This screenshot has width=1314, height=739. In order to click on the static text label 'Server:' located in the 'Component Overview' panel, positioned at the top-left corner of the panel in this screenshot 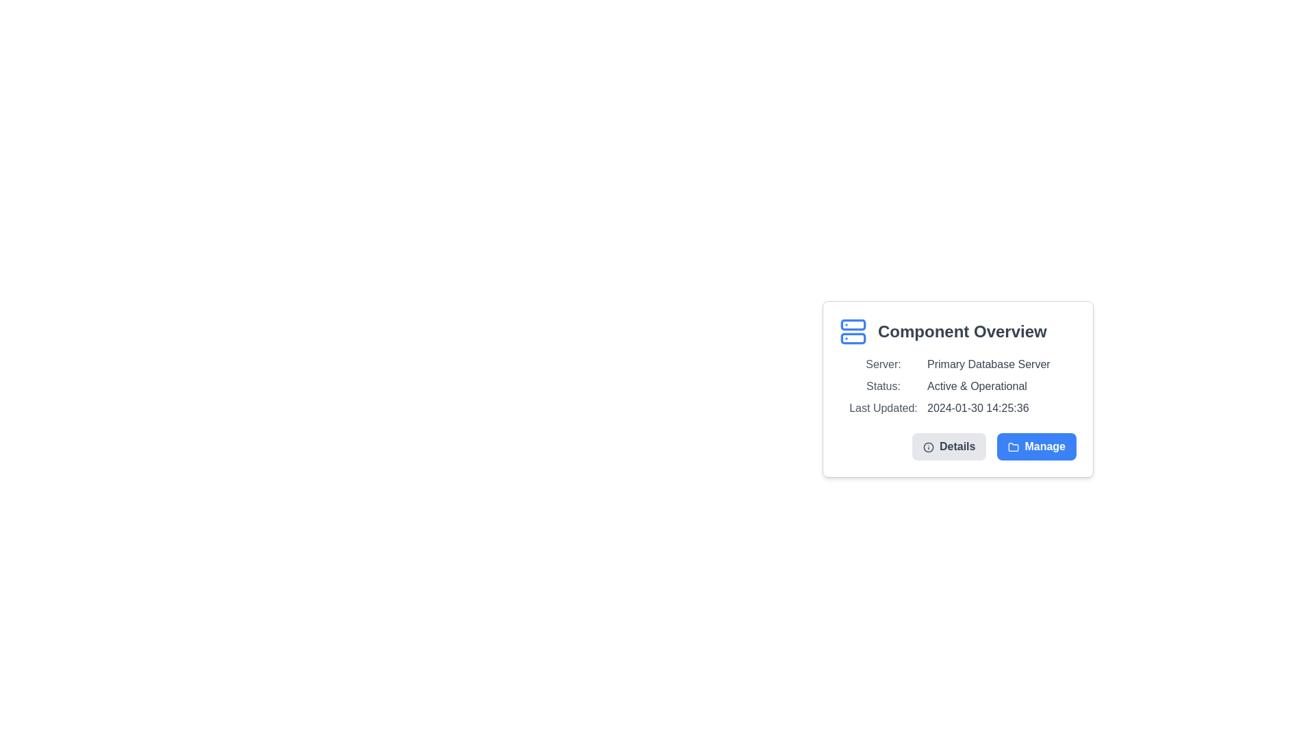, I will do `click(884, 363)`.